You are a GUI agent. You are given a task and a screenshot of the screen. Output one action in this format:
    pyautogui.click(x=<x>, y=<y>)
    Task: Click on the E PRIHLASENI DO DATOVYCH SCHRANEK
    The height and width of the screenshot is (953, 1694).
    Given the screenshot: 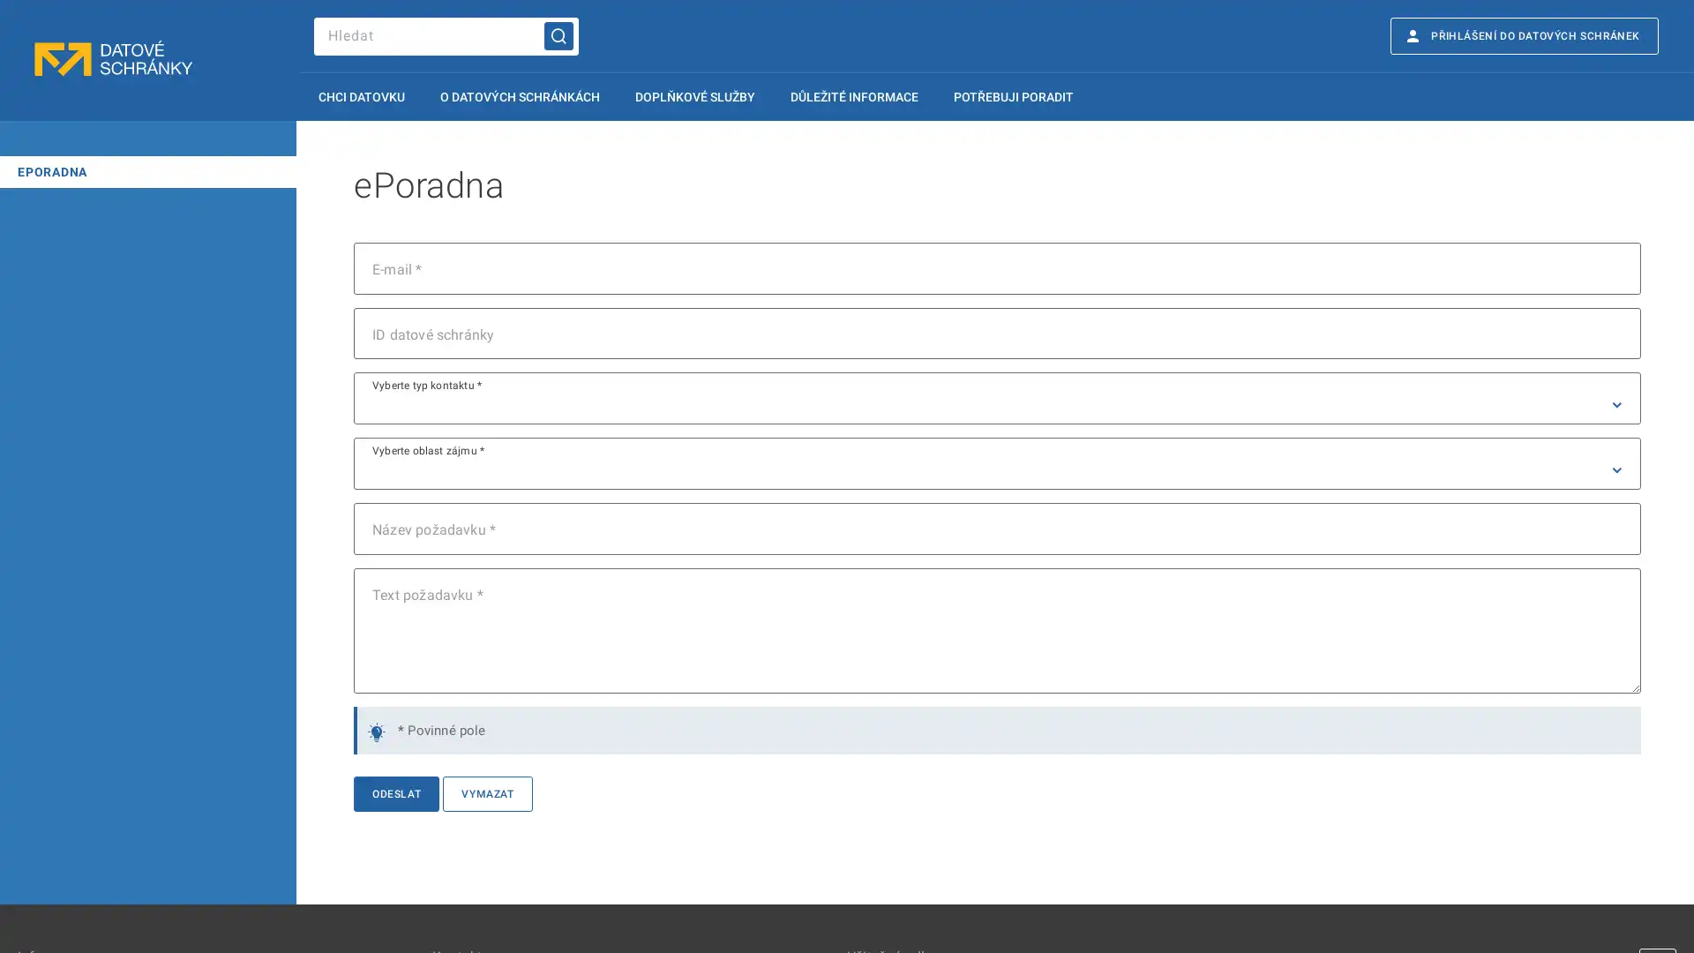 What is the action you would take?
    pyautogui.click(x=1523, y=36)
    